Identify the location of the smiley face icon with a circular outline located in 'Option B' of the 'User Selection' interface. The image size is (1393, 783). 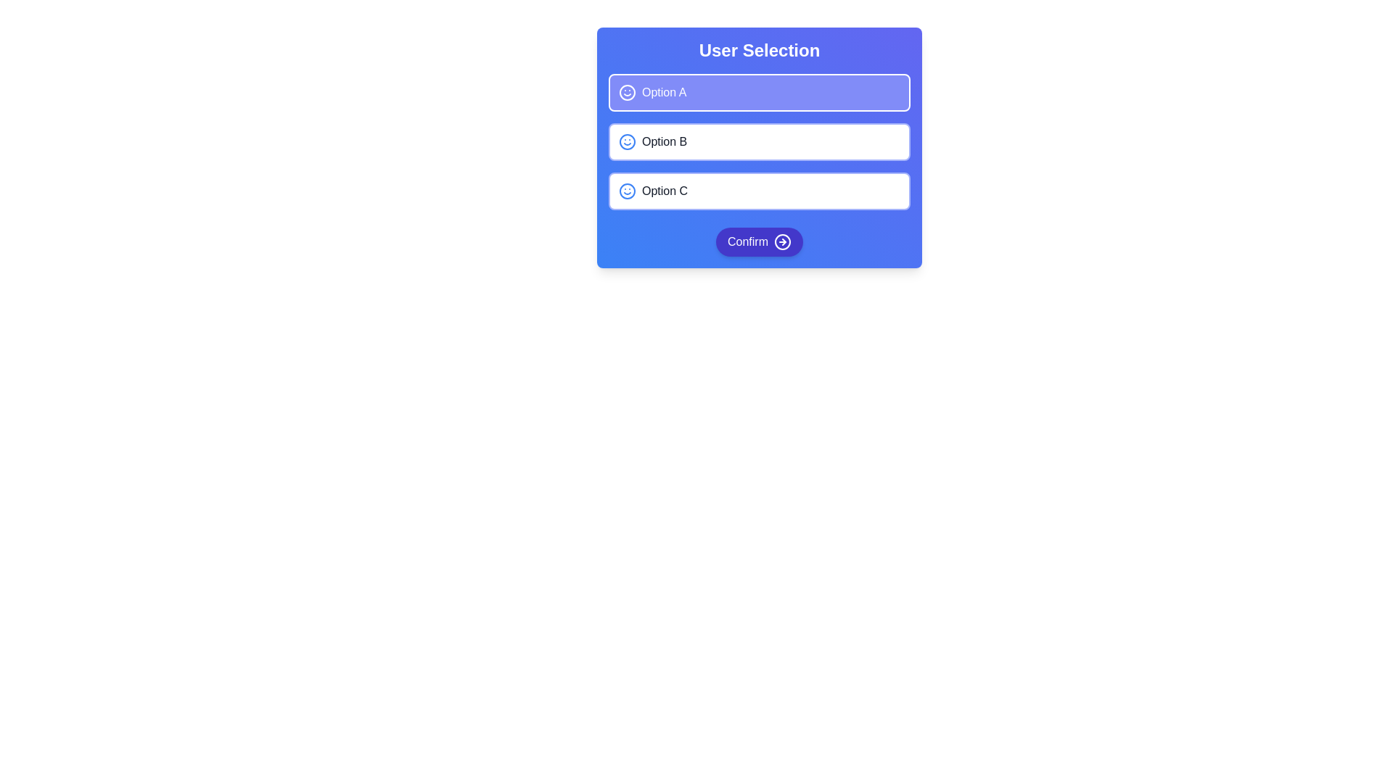
(627, 142).